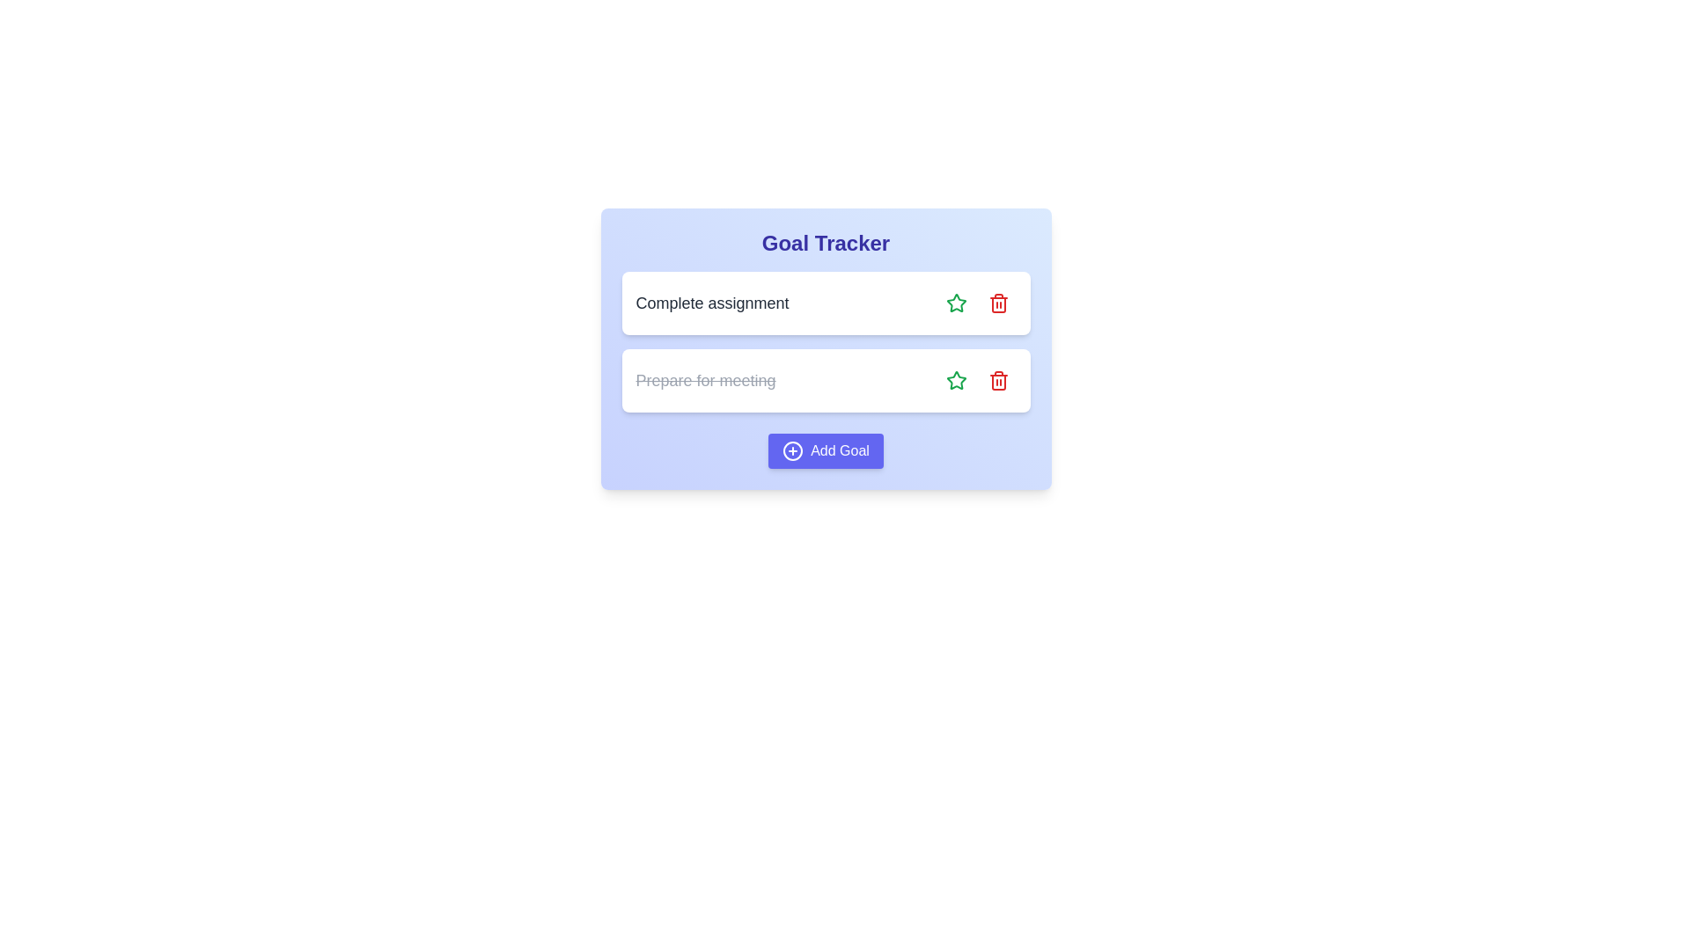  I want to click on the button located at the bottom of the 'Goal Tracker' list, so click(825, 450).